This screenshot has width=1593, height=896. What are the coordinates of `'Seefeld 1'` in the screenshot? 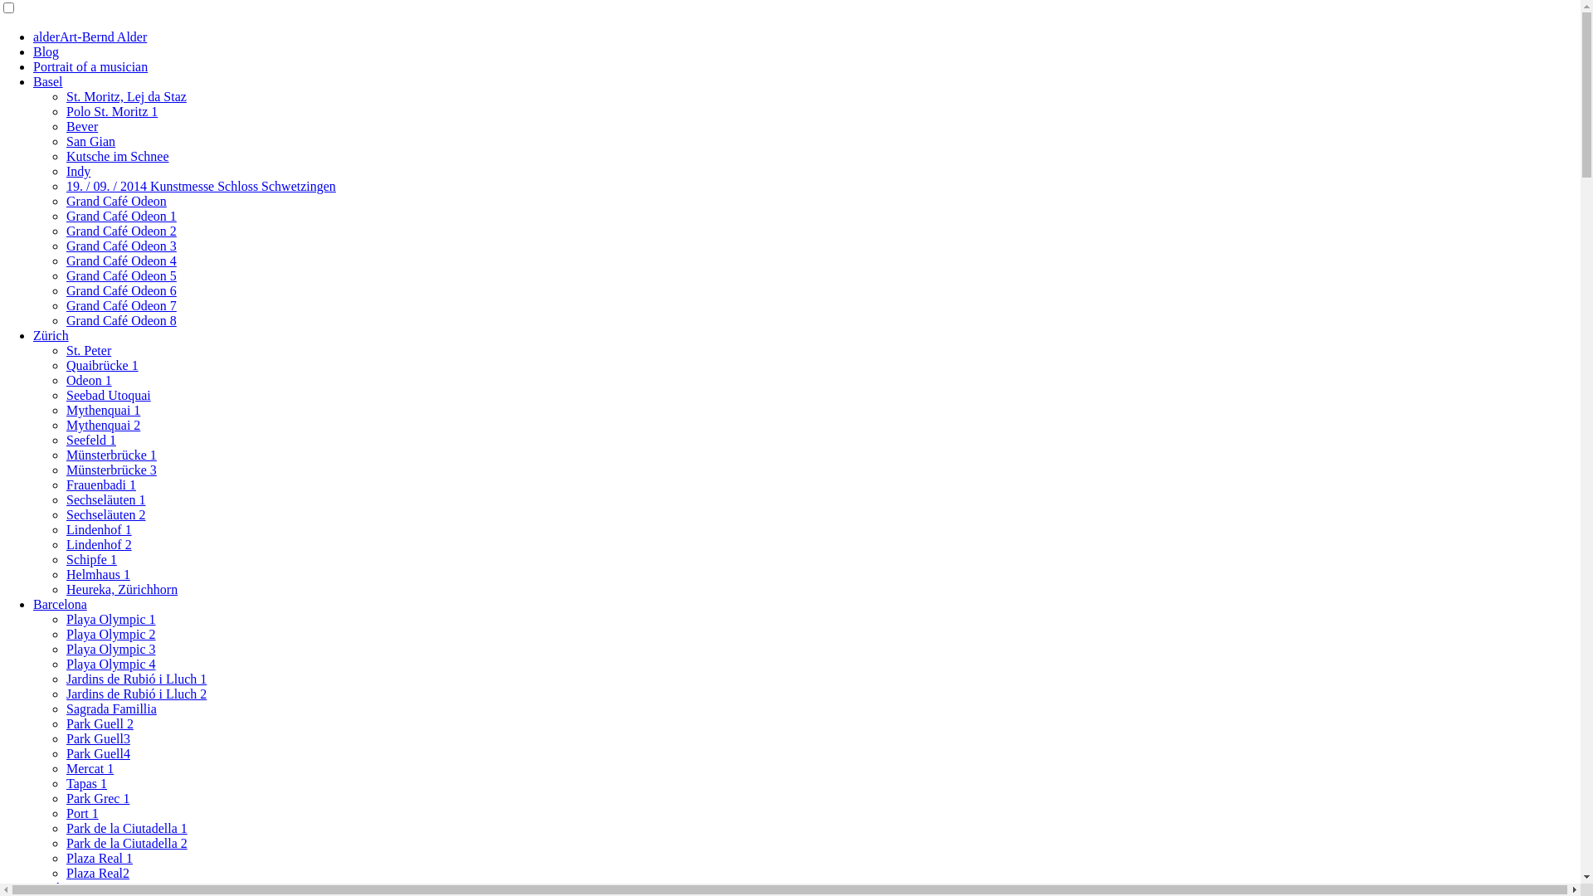 It's located at (90, 439).